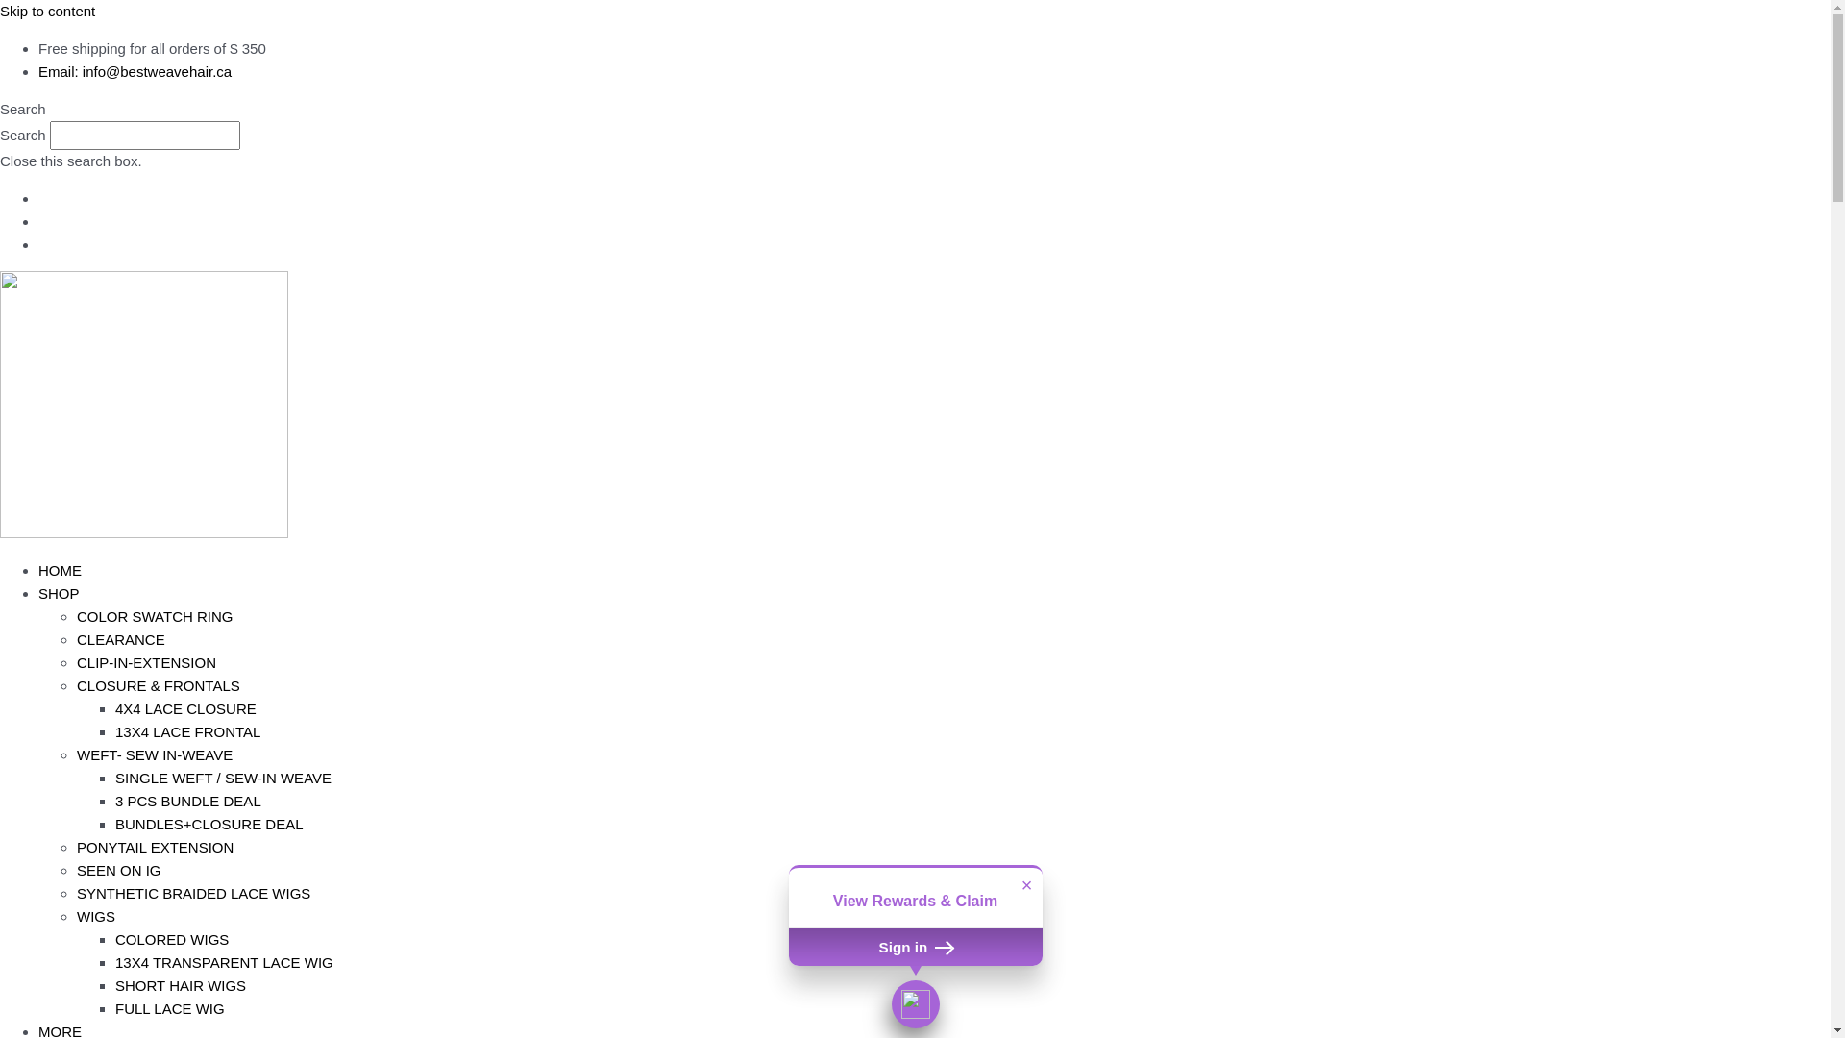  I want to click on 'SYNTHETIC BRAIDED LACE WIGS', so click(193, 893).